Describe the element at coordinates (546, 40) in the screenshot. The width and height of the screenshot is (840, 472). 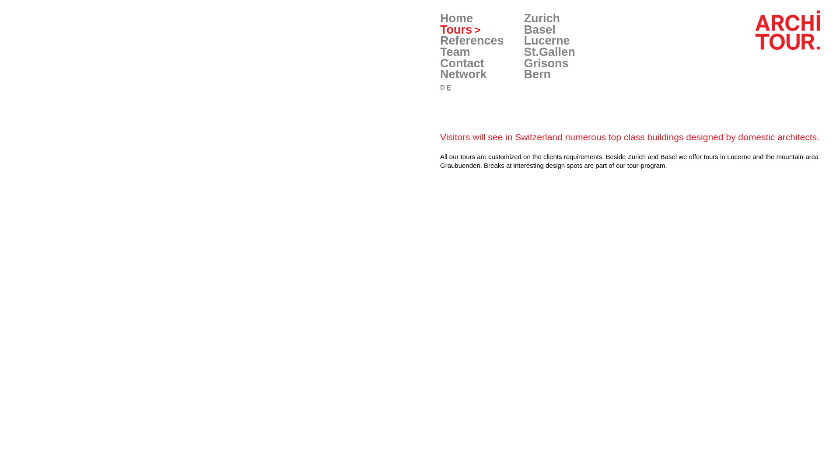
I see `'Lucerne'` at that location.